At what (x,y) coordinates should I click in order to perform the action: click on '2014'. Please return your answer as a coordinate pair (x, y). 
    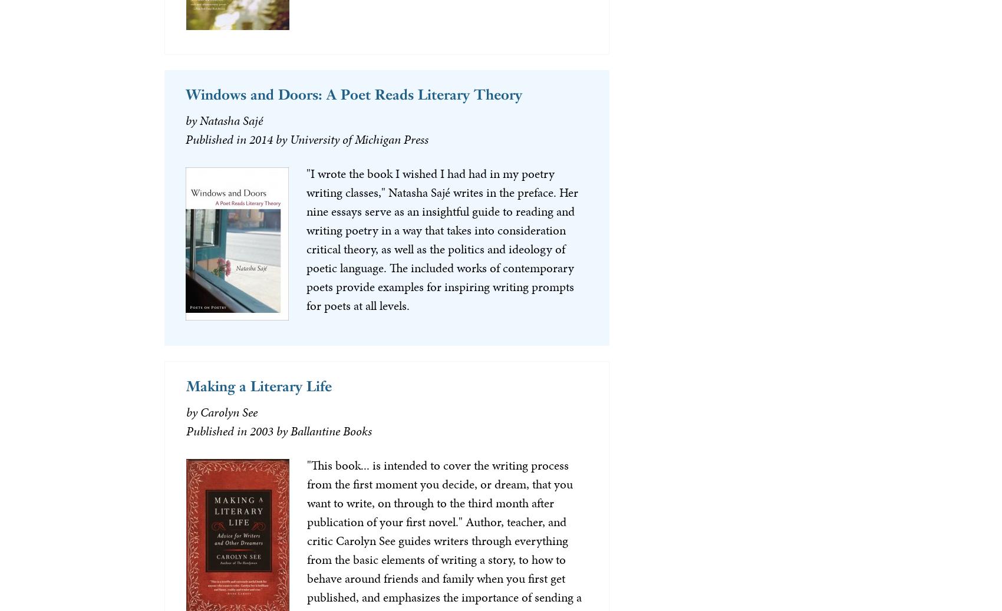
    Looking at the image, I should click on (261, 138).